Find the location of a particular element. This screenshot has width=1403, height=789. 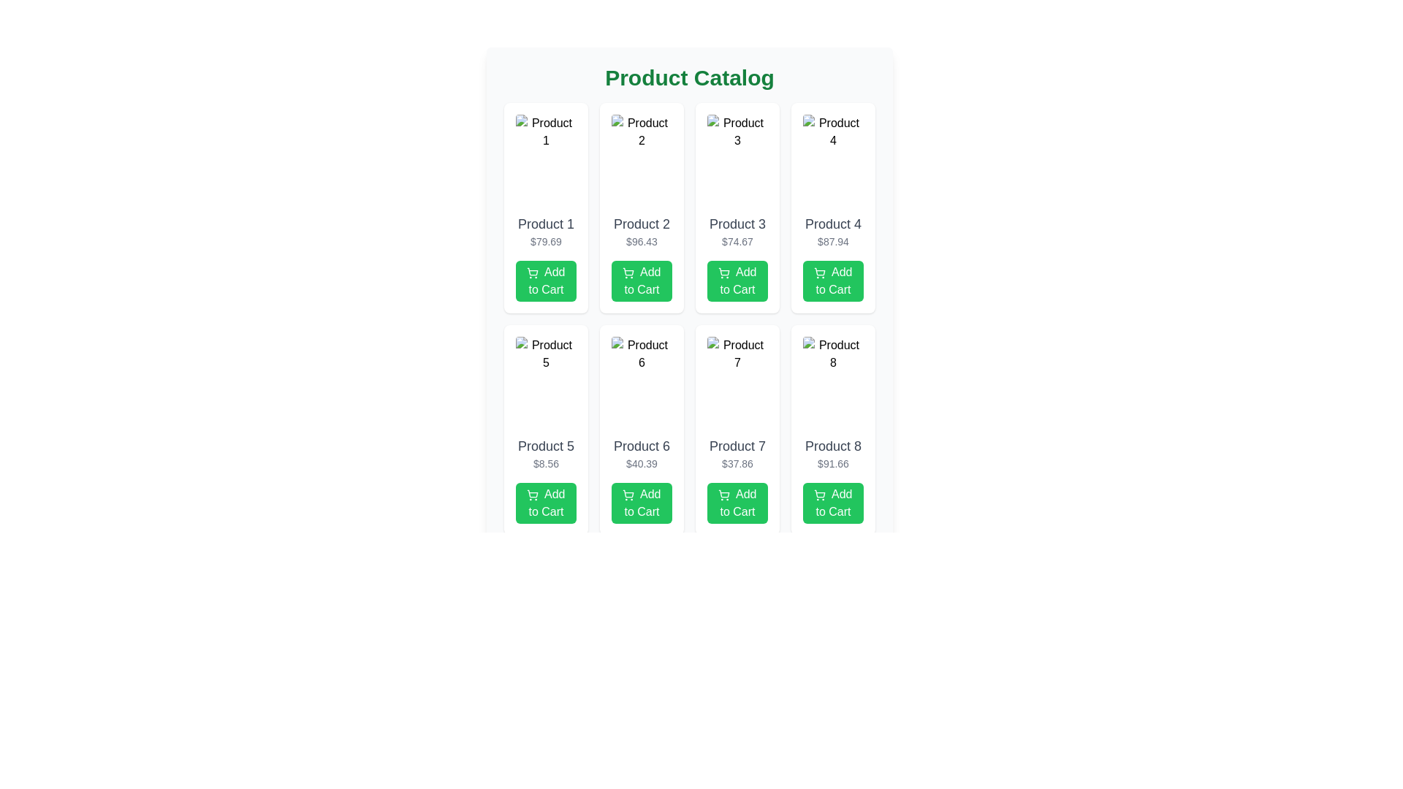

the text label displaying the price '$8.56' for 'Product 5', which is located between the product name and the 'Add to Cart' button is located at coordinates (545, 464).